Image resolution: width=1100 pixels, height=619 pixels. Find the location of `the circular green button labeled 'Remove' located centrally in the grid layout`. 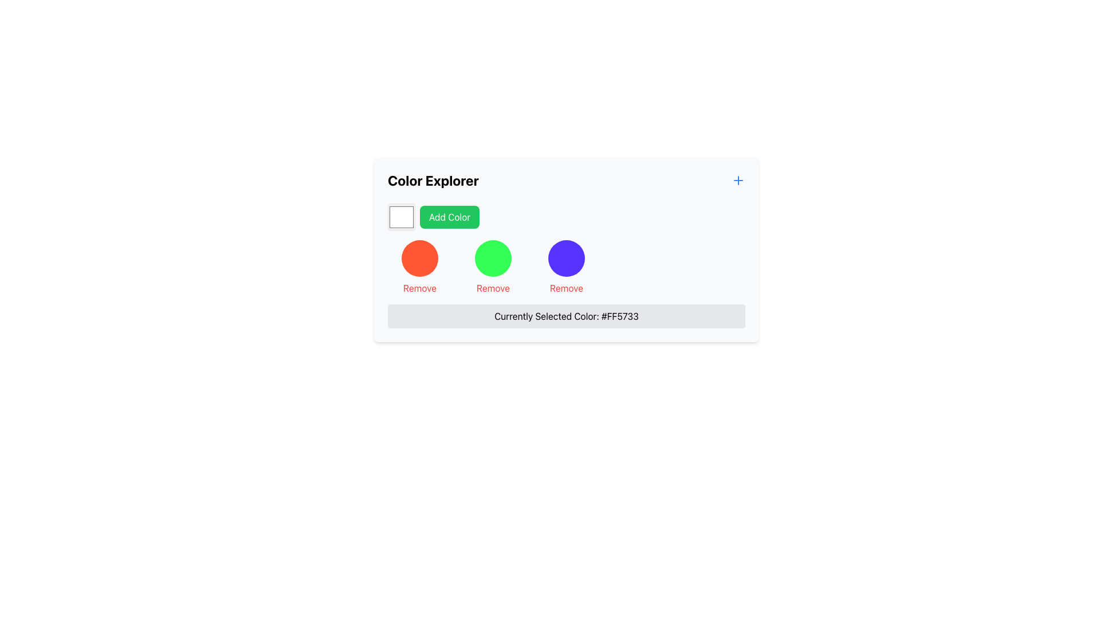

the circular green button labeled 'Remove' located centrally in the grid layout is located at coordinates (493, 267).